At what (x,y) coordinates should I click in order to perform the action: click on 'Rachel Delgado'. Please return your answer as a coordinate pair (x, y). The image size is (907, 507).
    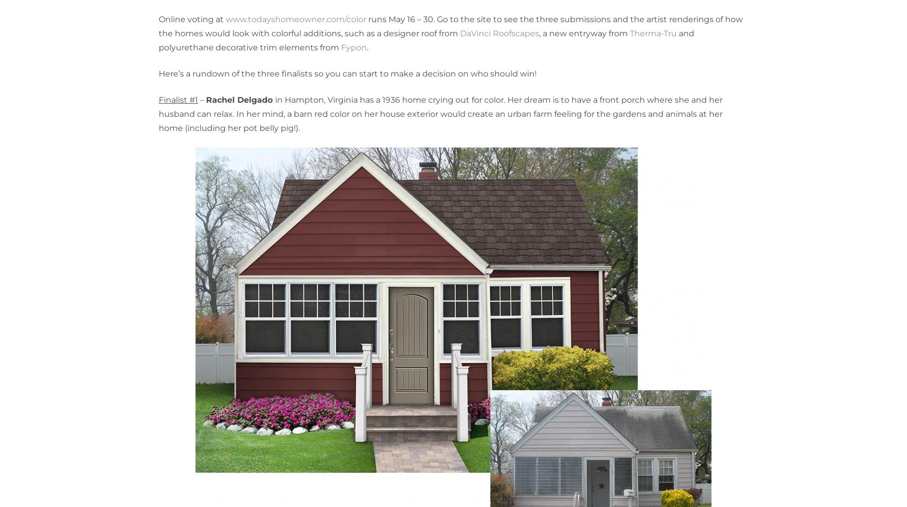
    Looking at the image, I should click on (240, 100).